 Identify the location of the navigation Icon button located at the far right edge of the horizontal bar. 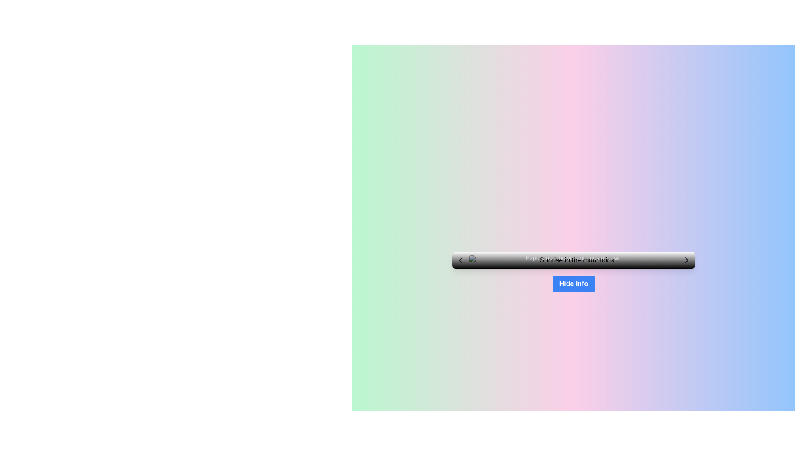
(686, 260).